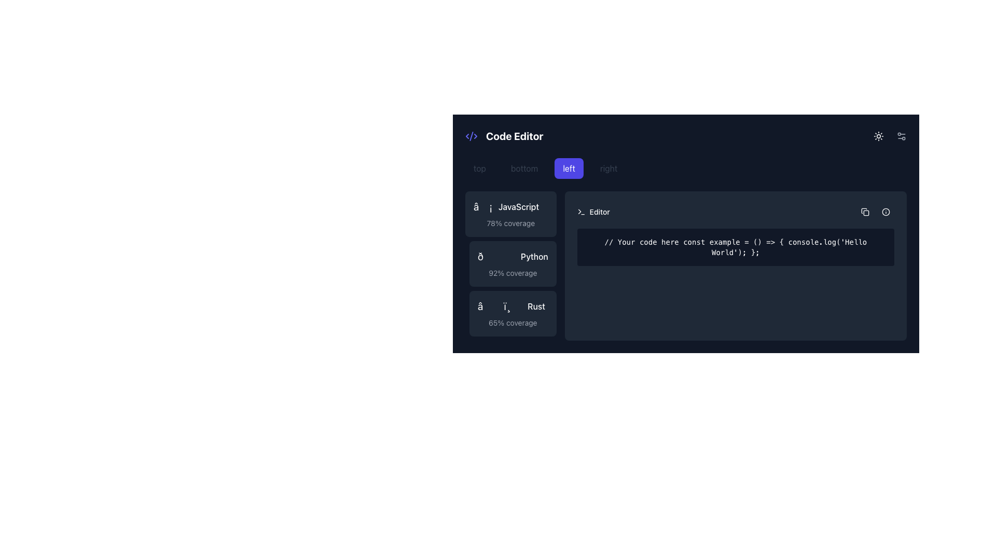 Image resolution: width=996 pixels, height=560 pixels. Describe the element at coordinates (864, 211) in the screenshot. I see `the vector graphic component representing the copy code feature located at the top-right corner of the code editor panel` at that location.